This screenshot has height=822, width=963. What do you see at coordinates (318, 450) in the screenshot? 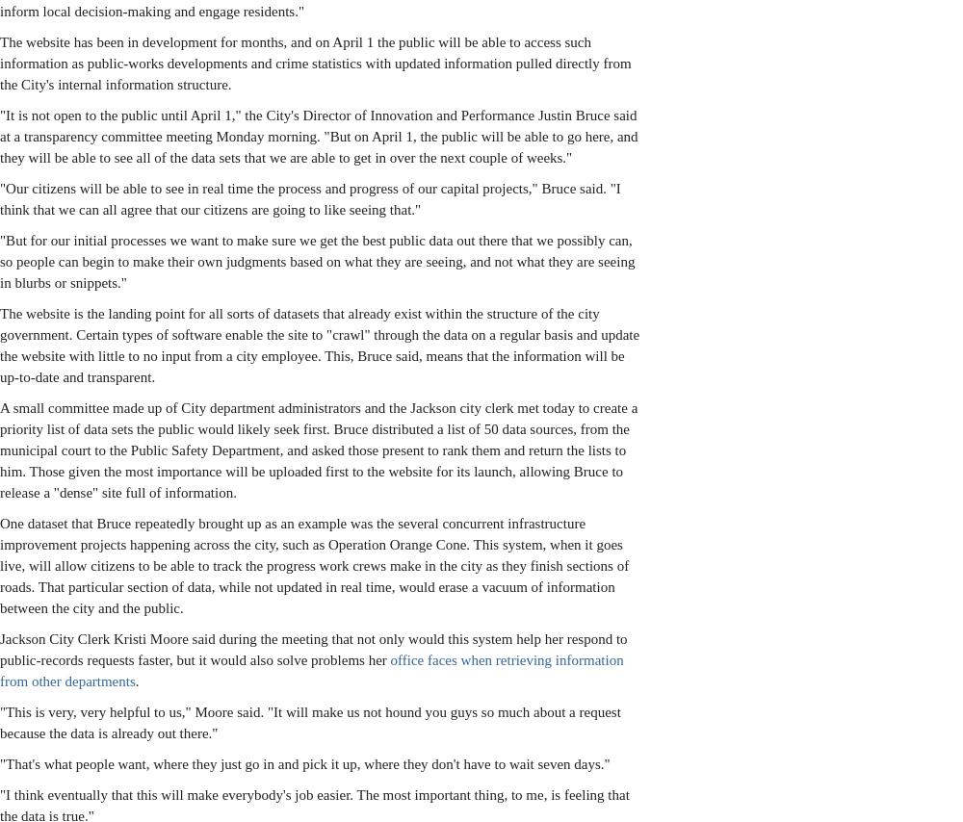
I see `'A small committee made up of City department administrators and the Jackson city clerk met today to create a priority list of data sets the public would likely seek first. Bruce distributed a list of 50 data sources, from the municipal court to the Public Safety Department, and asked those present to rank them and return the lists to him. Those given the most importance will be uploaded first to the website for its launch, allowing Bruce to release a "dense" site full of information.'` at bounding box center [318, 450].